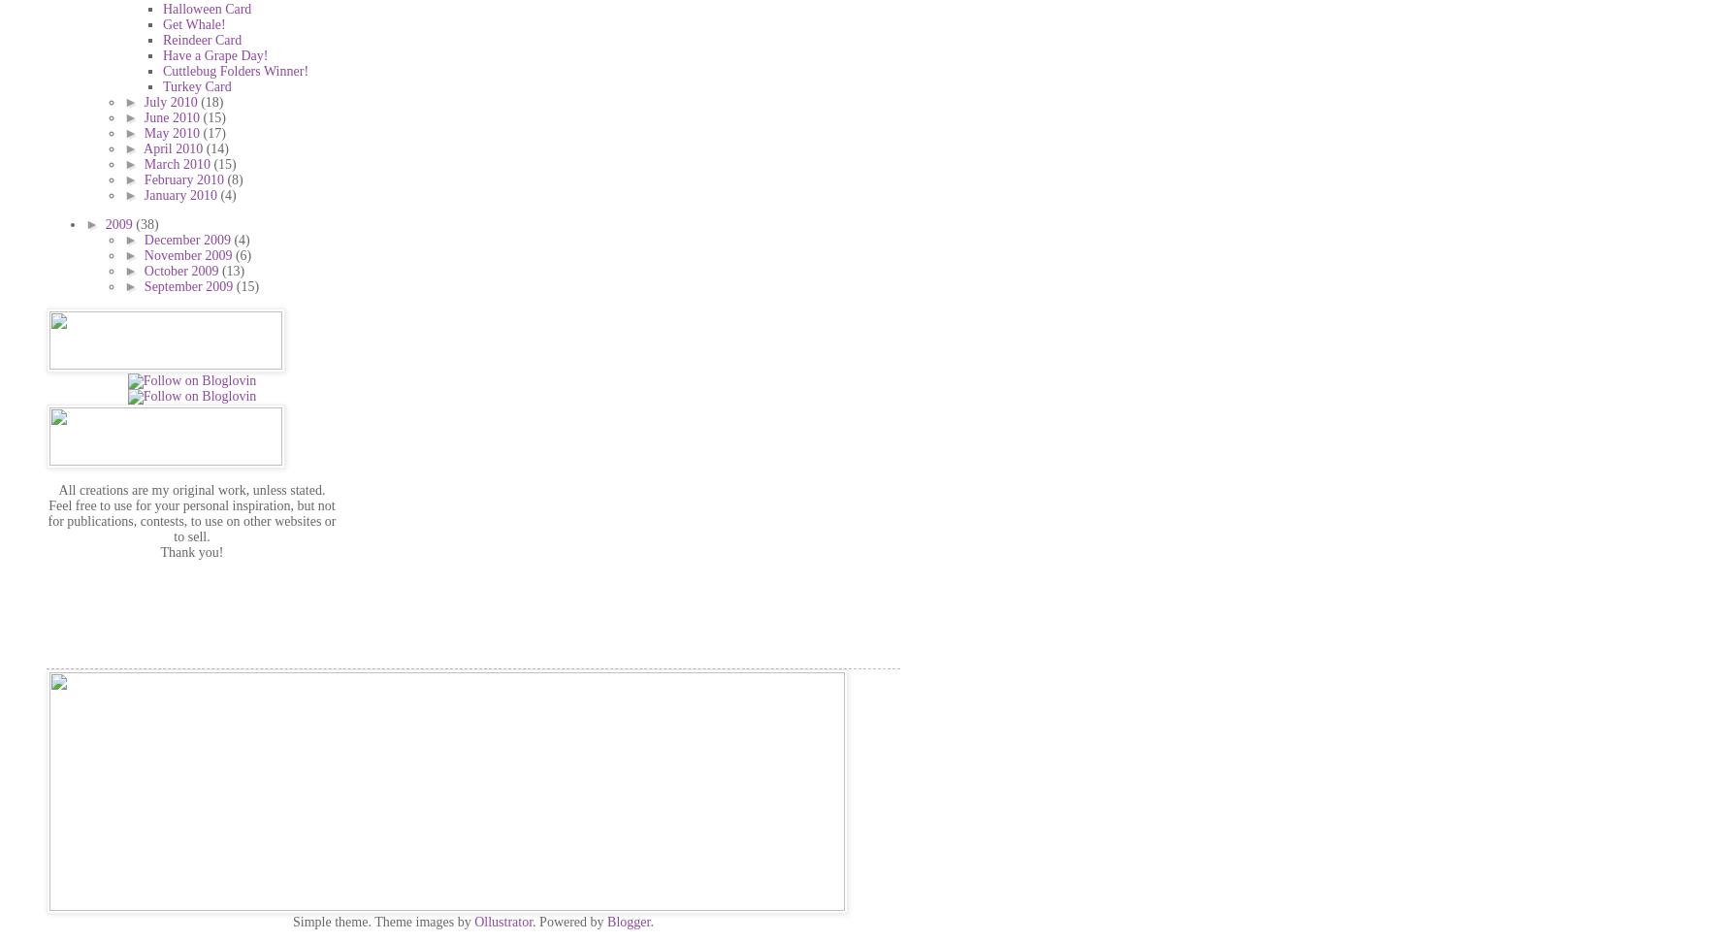 This screenshot has width=1717, height=941. I want to click on 'Halloween Card', so click(207, 8).